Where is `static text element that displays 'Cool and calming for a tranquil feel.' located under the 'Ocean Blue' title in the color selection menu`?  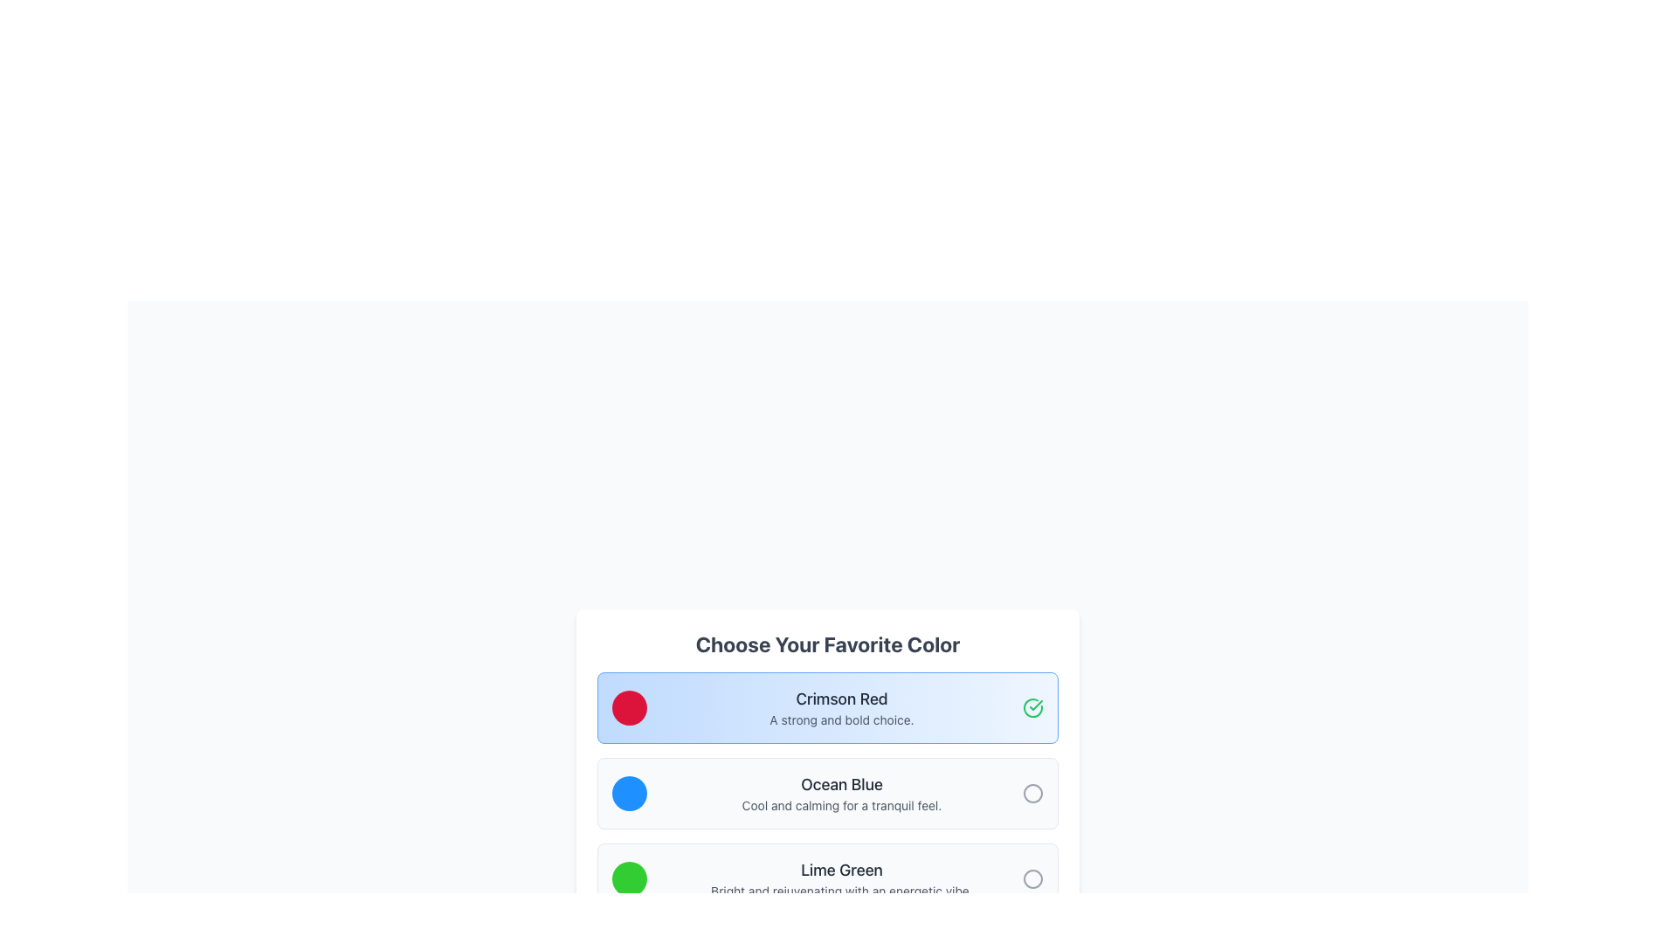
static text element that displays 'Cool and calming for a tranquil feel.' located under the 'Ocean Blue' title in the color selection menu is located at coordinates (842, 805).